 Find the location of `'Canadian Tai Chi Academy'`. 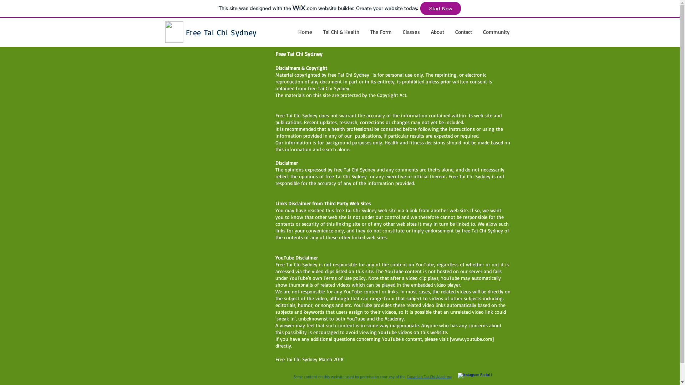

'Canadian Tai Chi Academy' is located at coordinates (407, 376).